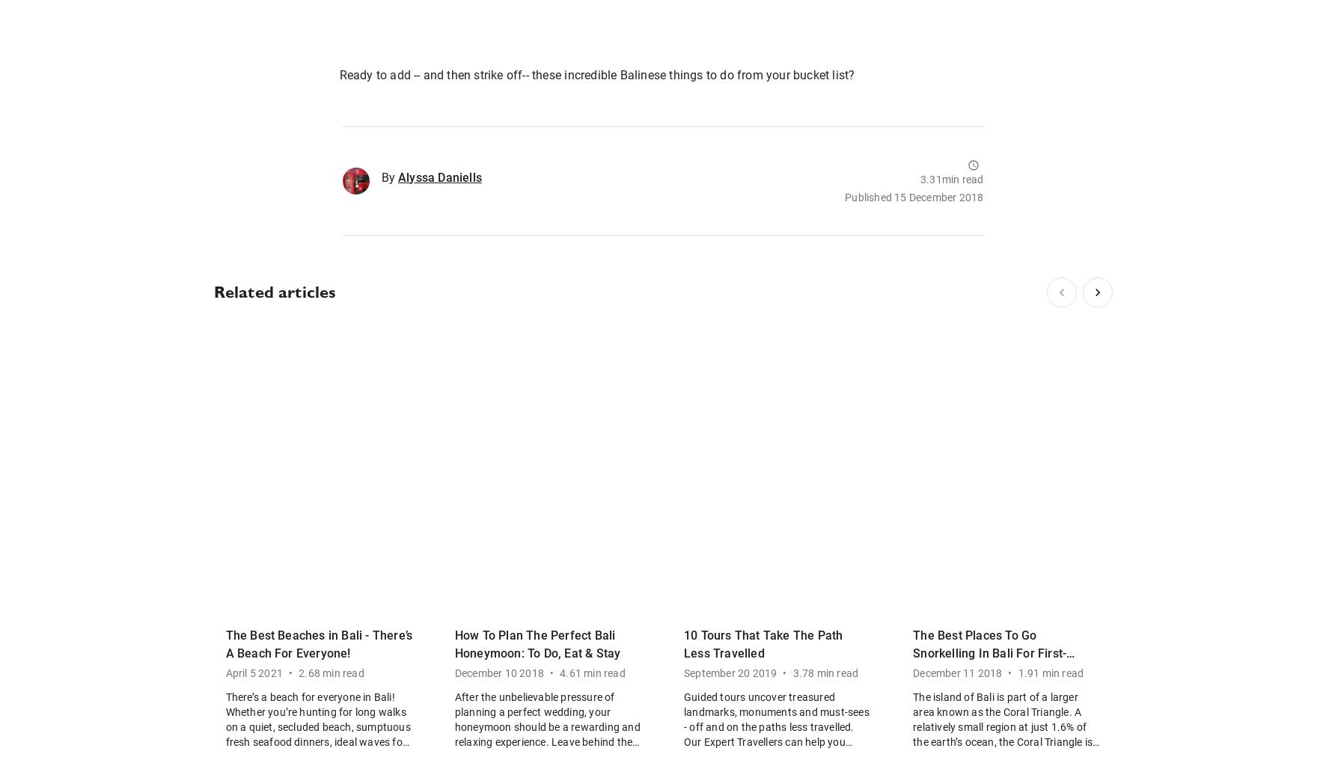 This screenshot has height=775, width=1326. What do you see at coordinates (825, 673) in the screenshot?
I see `'3.78 min read'` at bounding box center [825, 673].